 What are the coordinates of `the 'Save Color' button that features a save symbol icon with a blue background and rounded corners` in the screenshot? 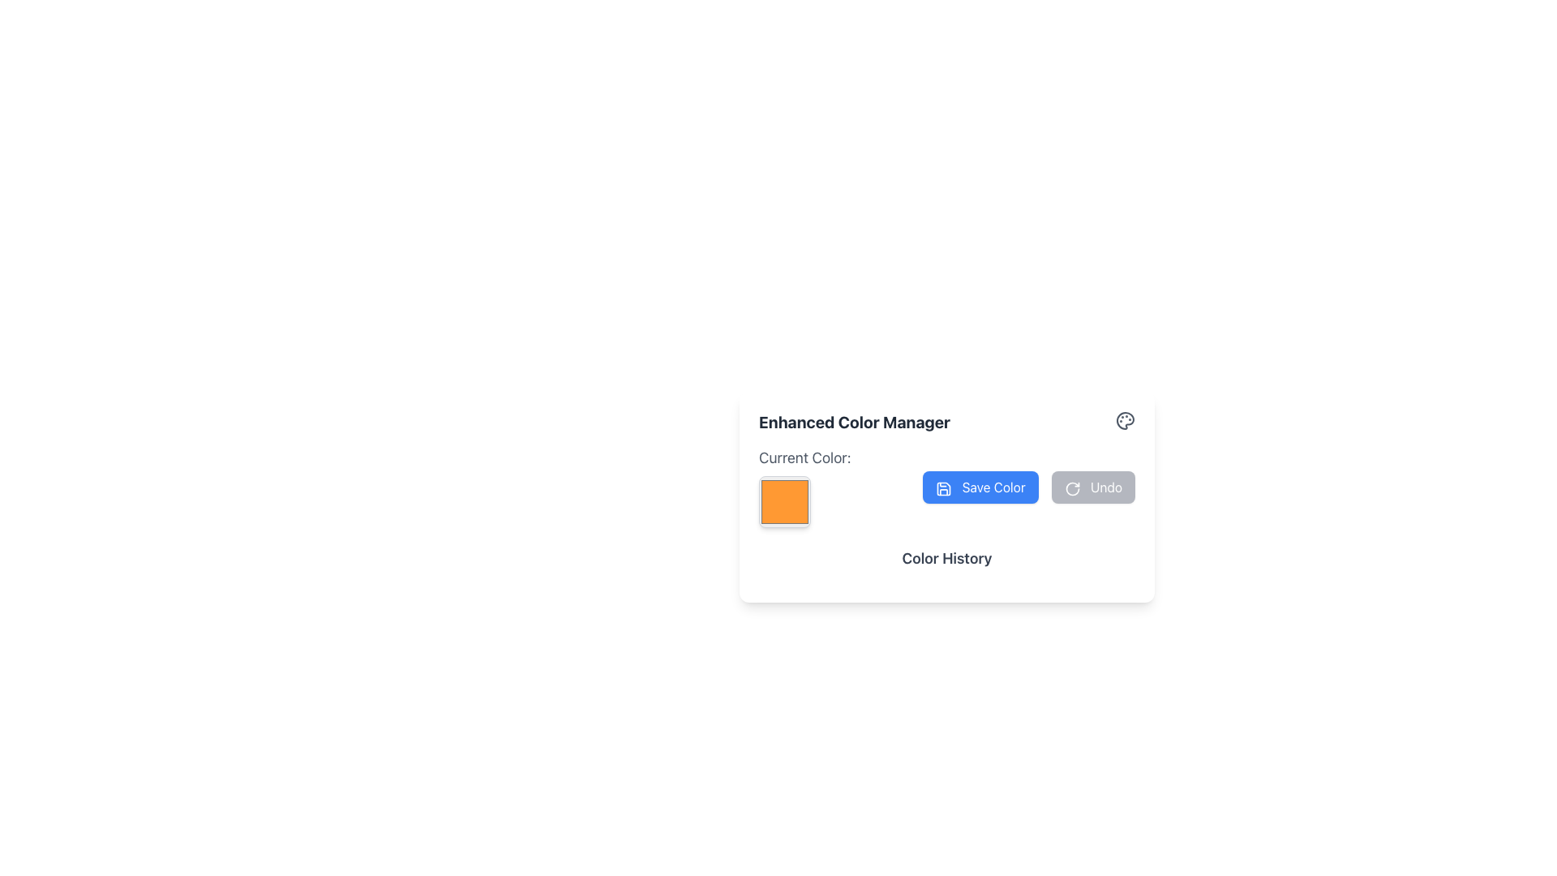 It's located at (944, 487).